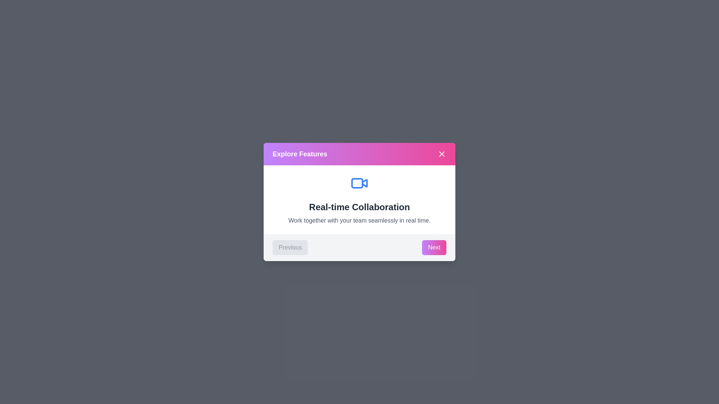 The width and height of the screenshot is (719, 404). Describe the element at coordinates (434, 248) in the screenshot. I see `the 'Next' button, which is a rectangular button with a gradient background transitioning from purple to pink, containing the text 'Next' in white sans-serif font, located towards the bottom-right corner of the modal` at that location.